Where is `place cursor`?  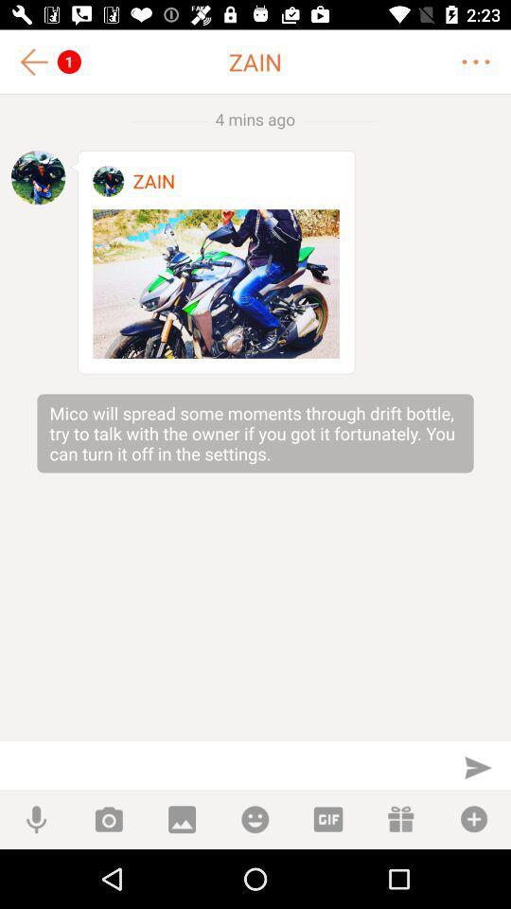
place cursor is located at coordinates (221, 765).